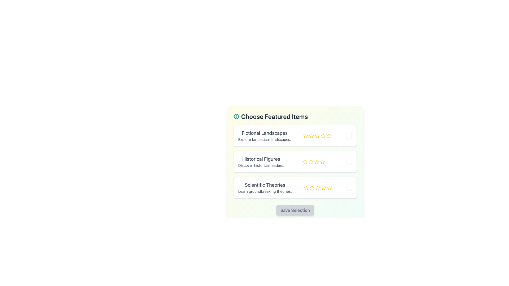 The height and width of the screenshot is (286, 509). I want to click on the fifth star-shaped rating icon in the 'Choose Featured Items' section under the 'Fictional Landscapes' option, so click(323, 136).